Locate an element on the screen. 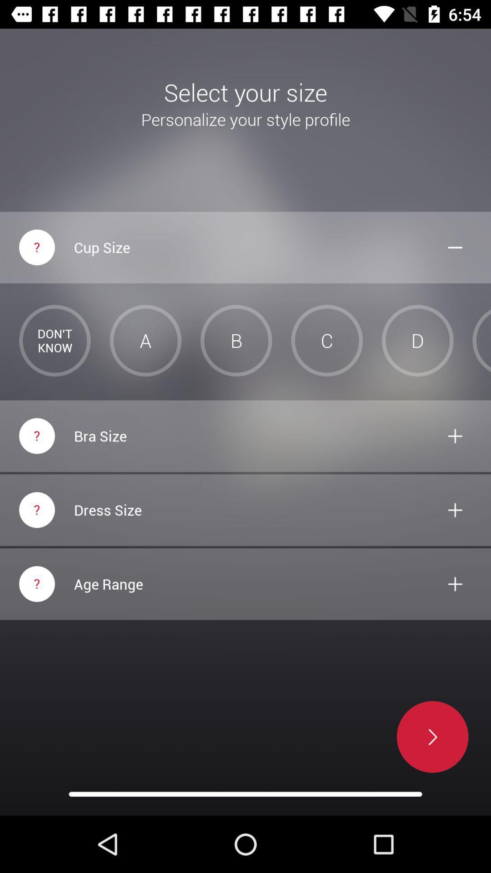 This screenshot has height=873, width=491. the help icon is located at coordinates (36, 435).